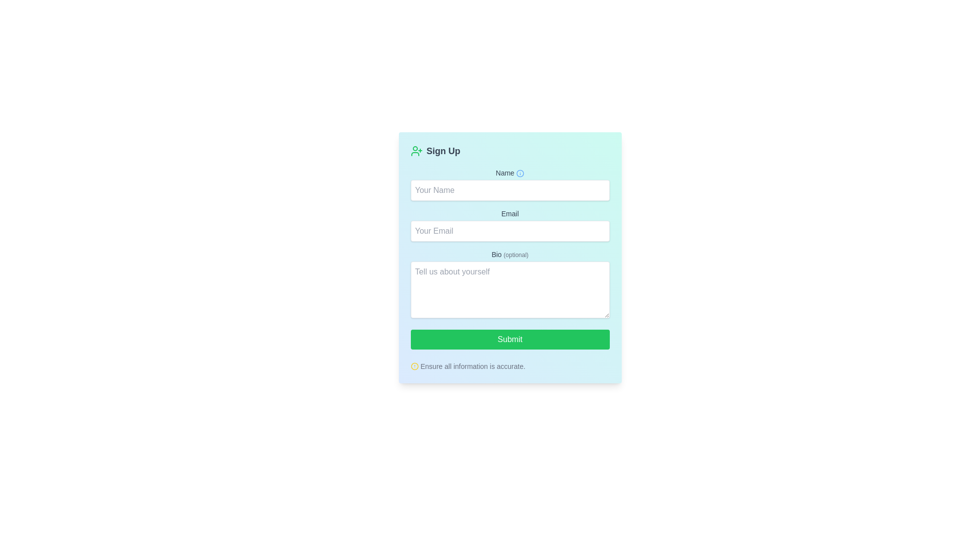 This screenshot has height=537, width=955. What do you see at coordinates (510, 172) in the screenshot?
I see `the 'Your Name' label which indicates the expected input for the name field, located at the top-left corner of the form section` at bounding box center [510, 172].